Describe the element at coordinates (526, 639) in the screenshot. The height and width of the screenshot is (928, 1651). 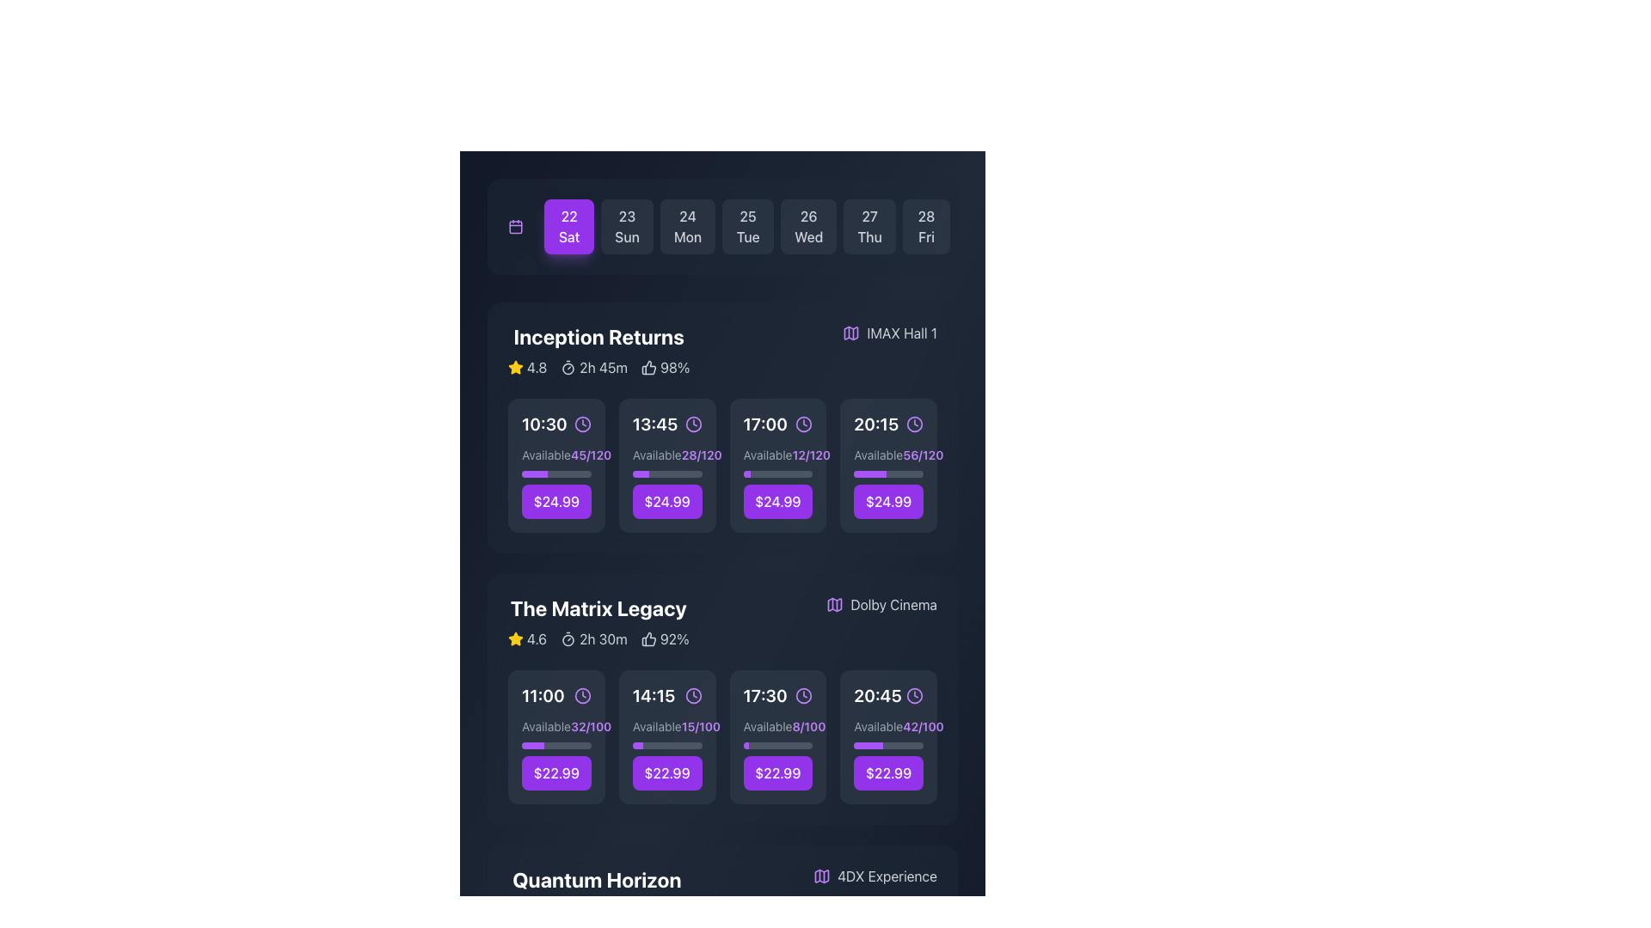
I see `the rating display for 'The Matrix Legacy' movie, which shows a yellow star icon and the number '4.6'` at that location.